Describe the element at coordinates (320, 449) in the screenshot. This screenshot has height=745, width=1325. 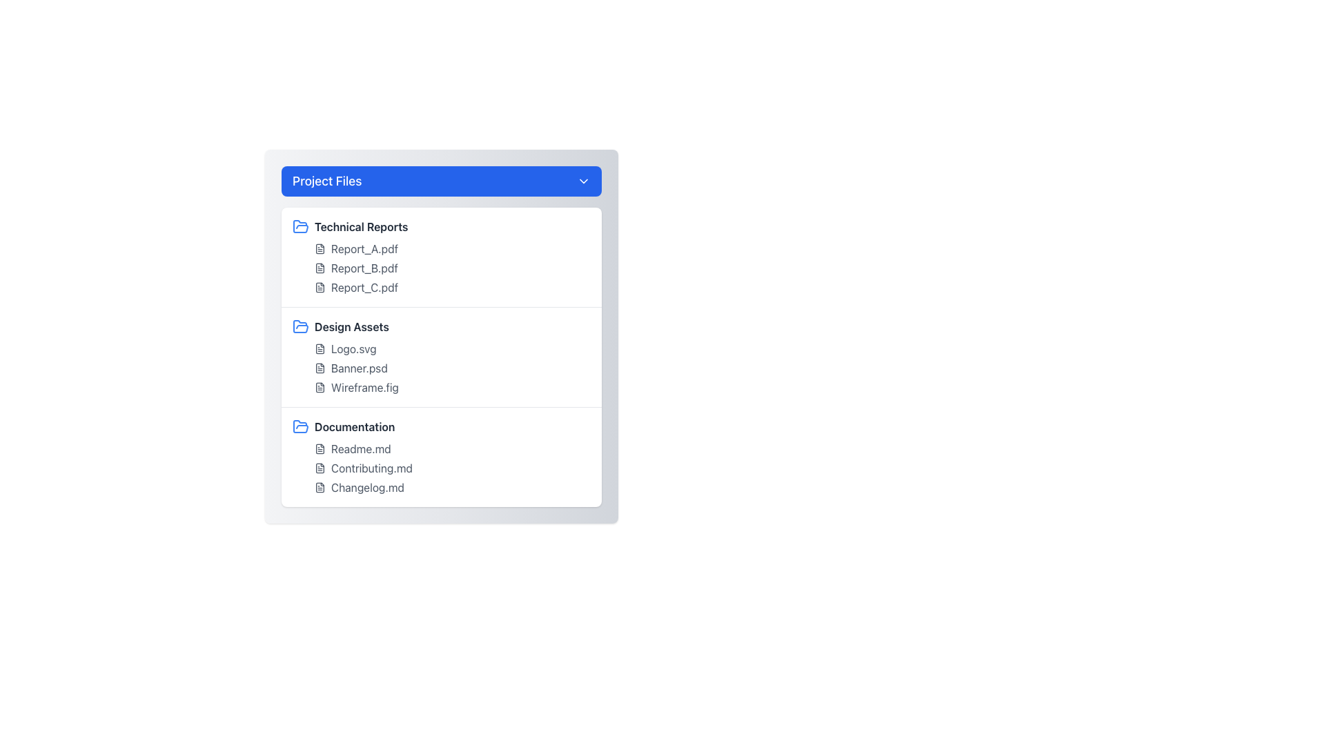
I see `the visual representation of the document icon located to the left of the 'Readme.md' text label in the Documentation section of the file browser` at that location.